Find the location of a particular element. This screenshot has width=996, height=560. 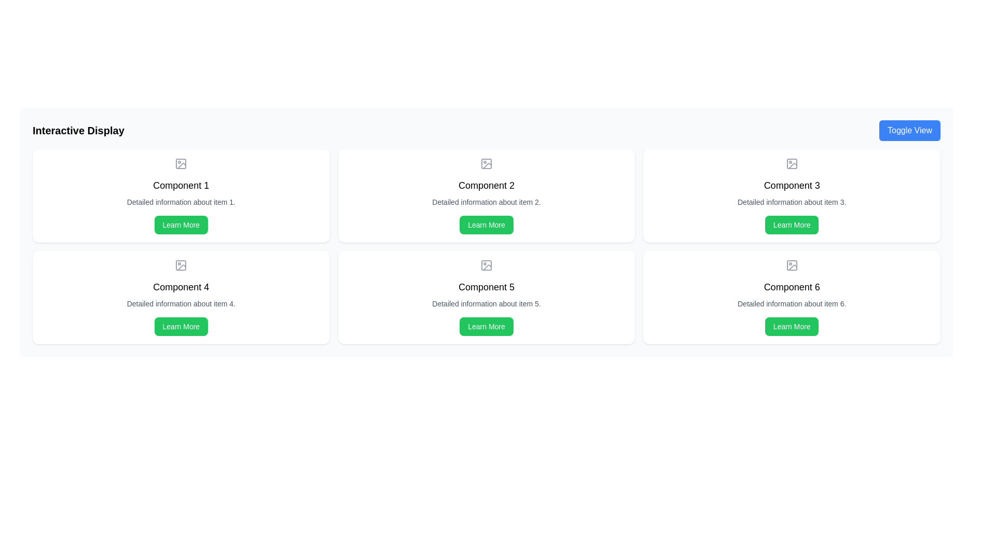

the green button with rounded edges labeled 'Learn More' located at the bottom center of 'Component 4' is located at coordinates (181, 326).